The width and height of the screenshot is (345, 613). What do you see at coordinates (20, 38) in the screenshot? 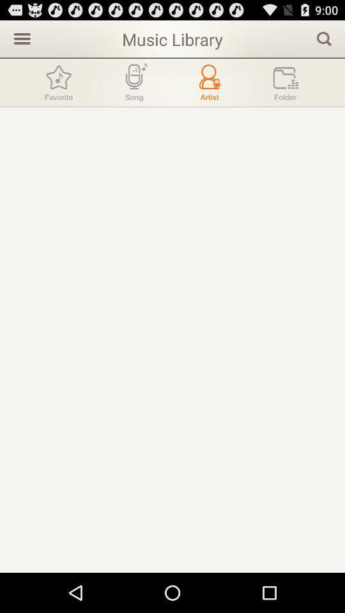
I see `menu option` at bounding box center [20, 38].